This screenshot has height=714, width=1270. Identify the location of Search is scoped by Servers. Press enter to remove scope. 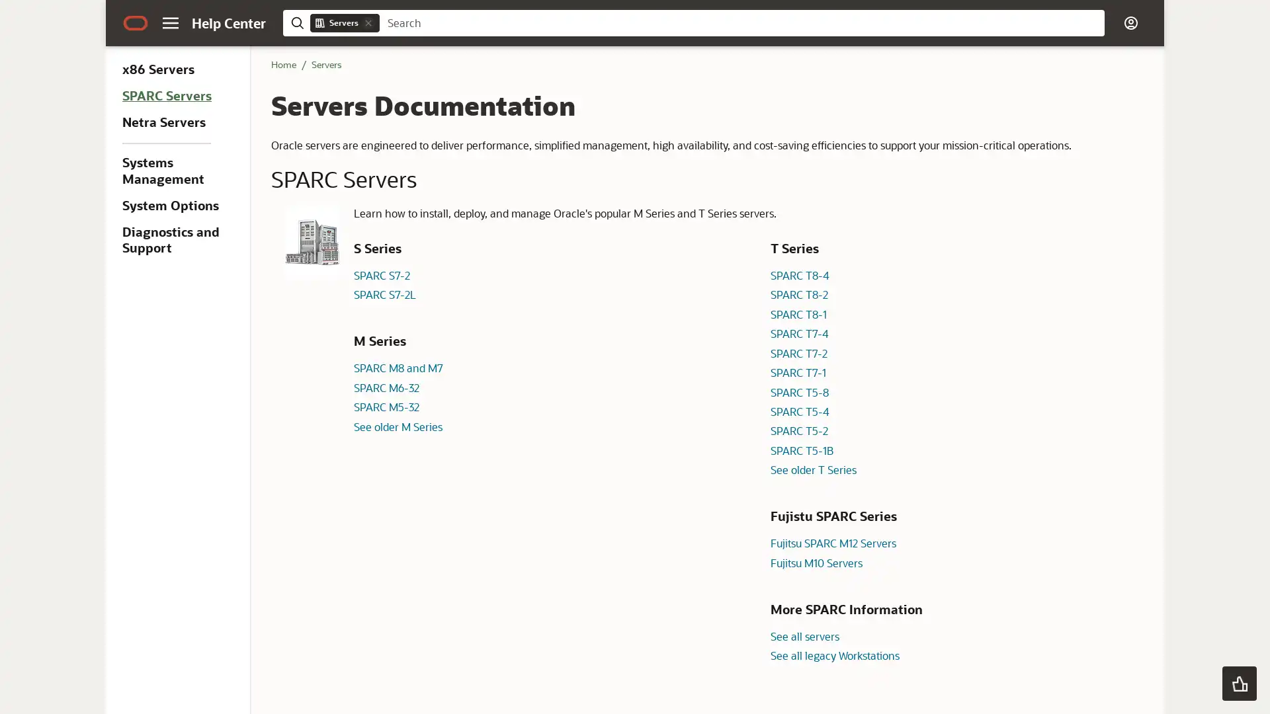
(368, 22).